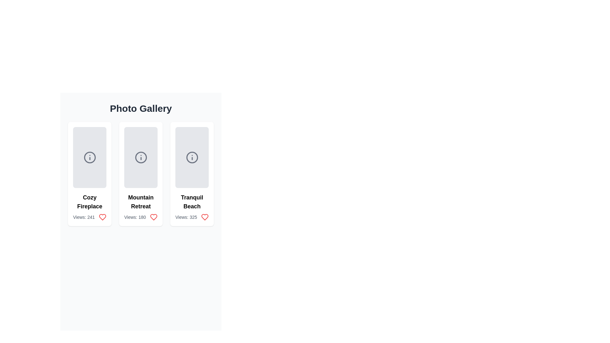  Describe the element at coordinates (192, 174) in the screenshot. I see `the card component with the title 'Tranquil Beach', which is styled with a white background and rounded corners, located in the bottom right corner of the grid` at that location.